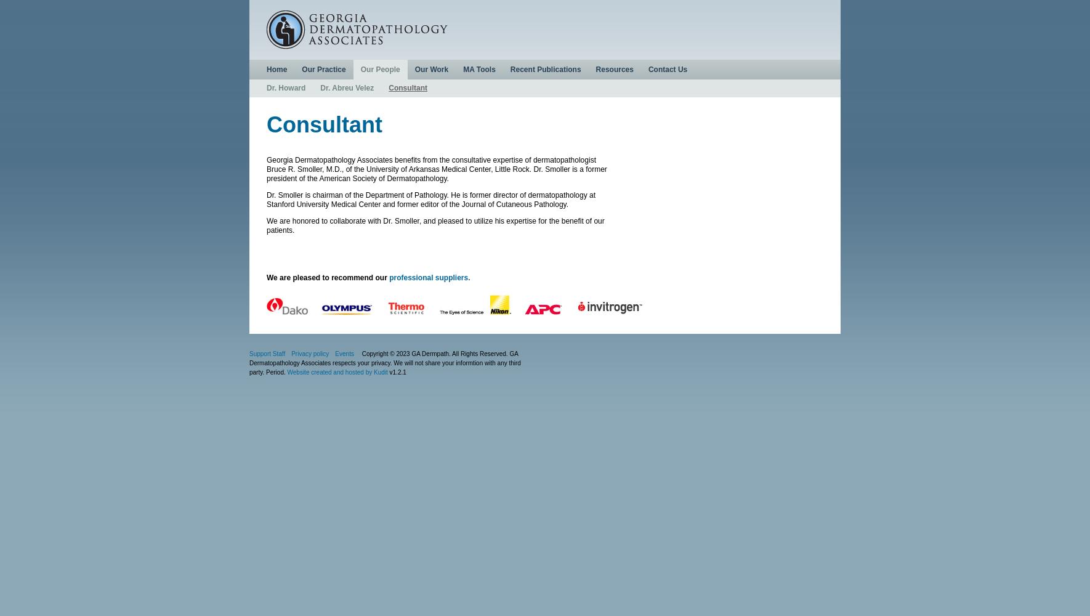  Describe the element at coordinates (397, 371) in the screenshot. I see `'v1.2.1'` at that location.